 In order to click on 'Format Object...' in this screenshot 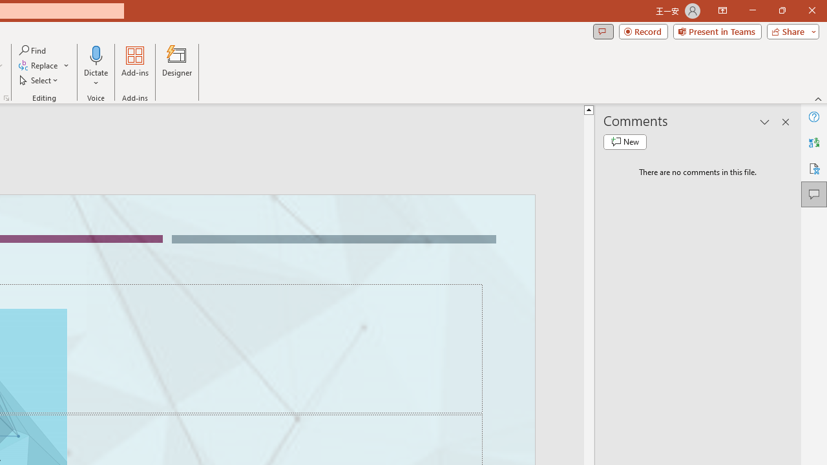, I will do `click(6, 97)`.